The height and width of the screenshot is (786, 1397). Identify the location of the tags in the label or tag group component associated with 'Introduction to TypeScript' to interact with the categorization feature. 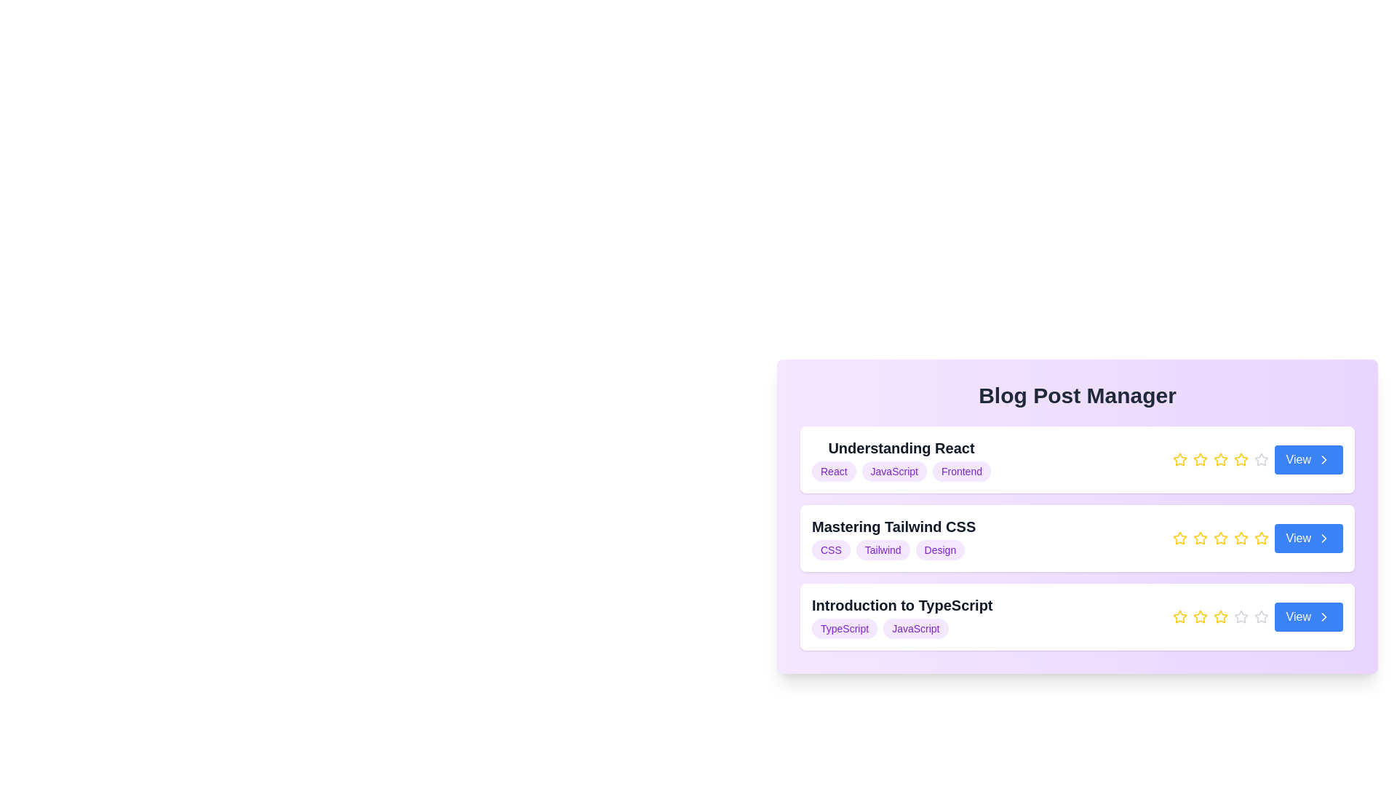
(901, 628).